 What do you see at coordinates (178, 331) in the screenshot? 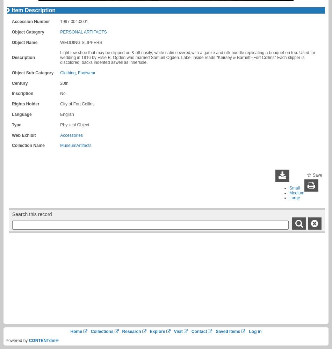
I see `'Visit'` at bounding box center [178, 331].